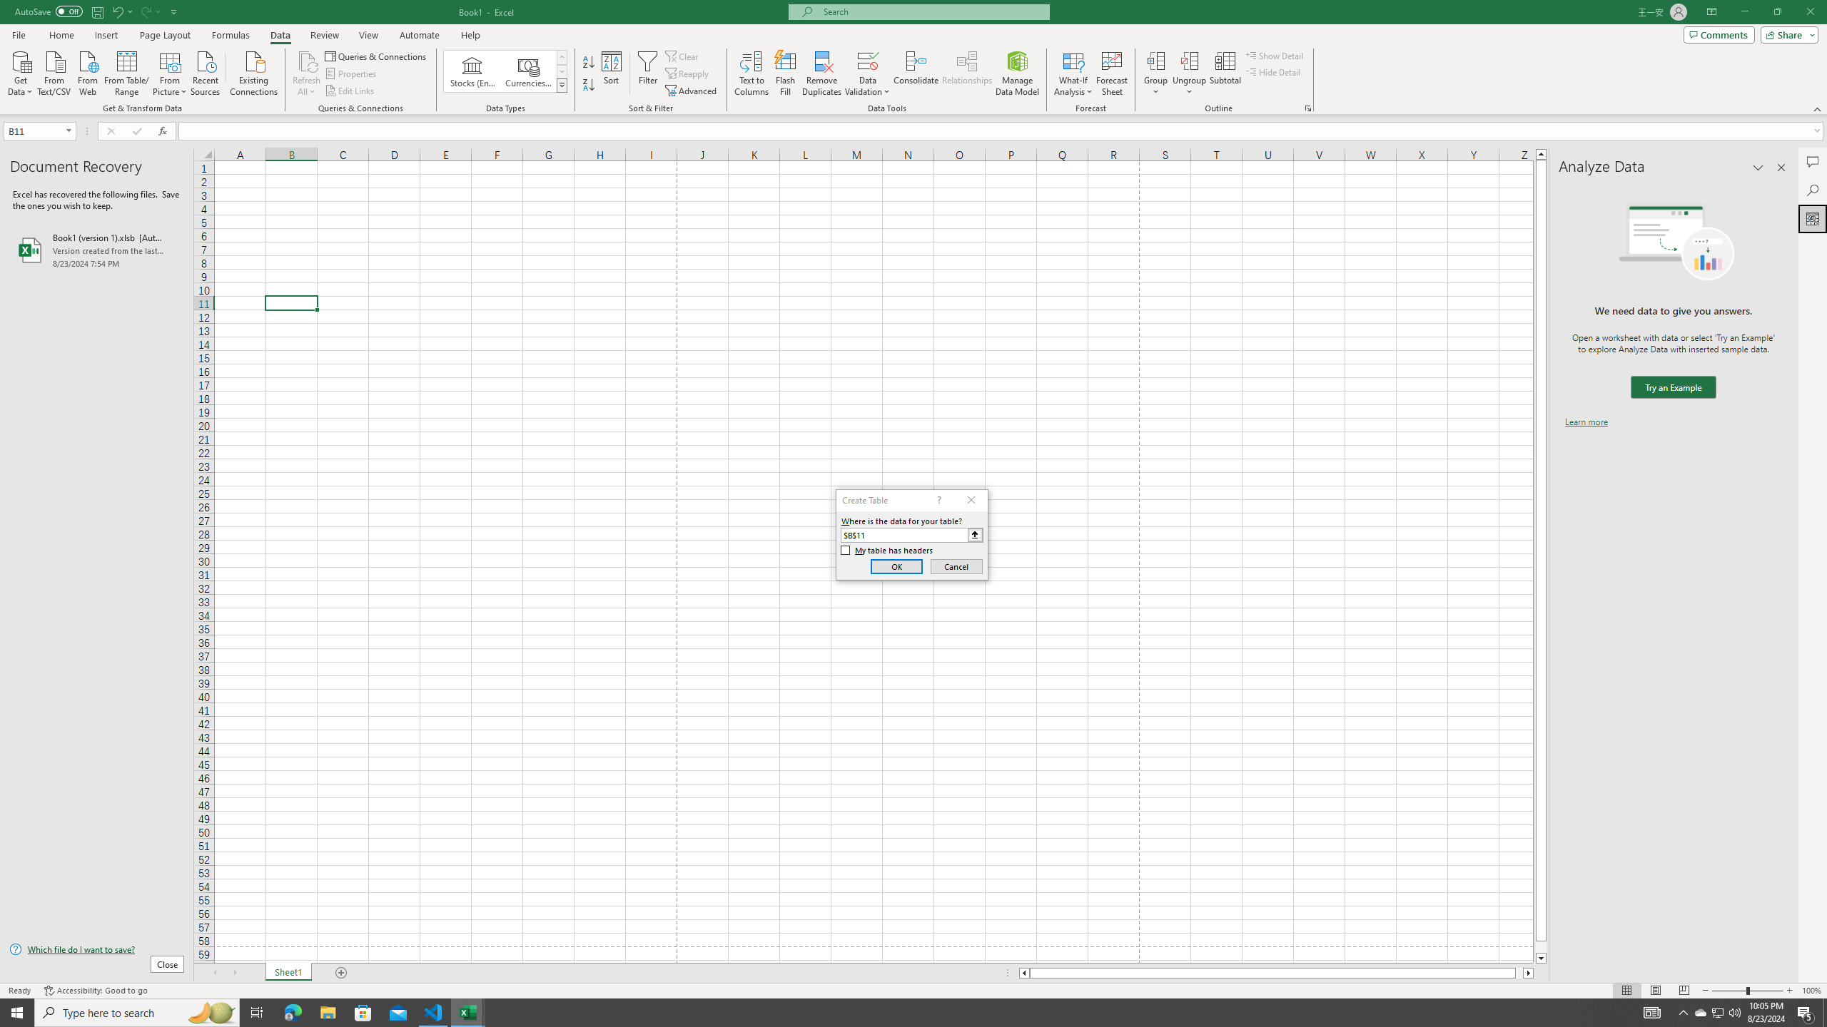  I want to click on 'Data Types', so click(562, 84).